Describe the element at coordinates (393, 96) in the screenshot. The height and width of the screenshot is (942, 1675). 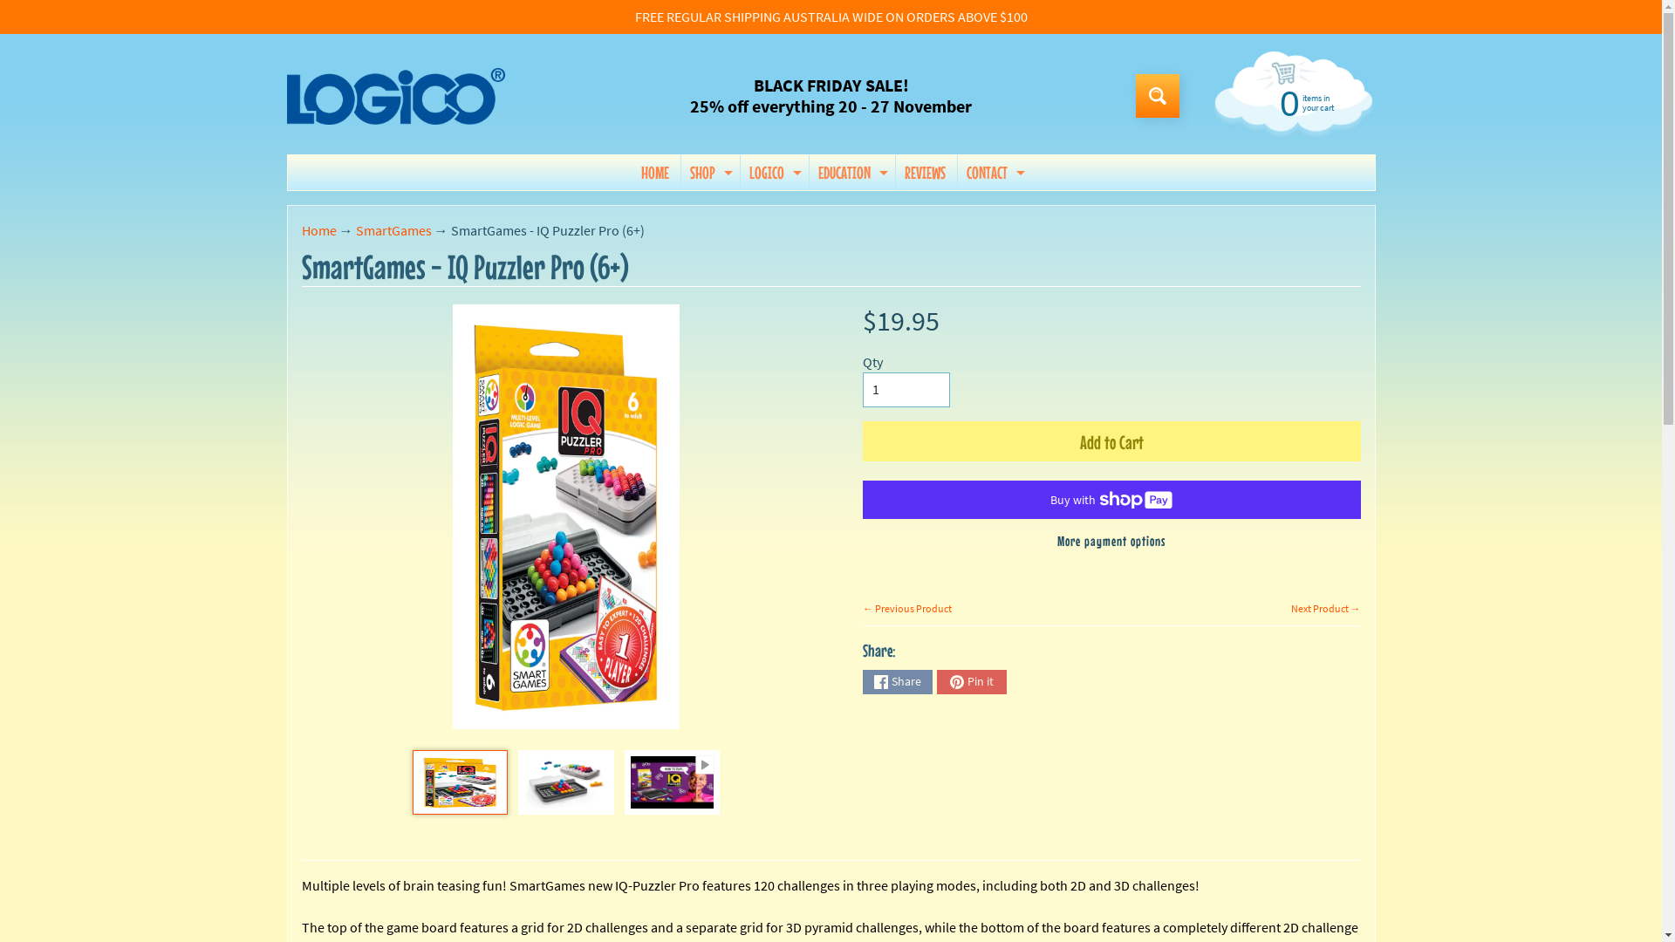
I see `'LOGICO Australia'` at that location.